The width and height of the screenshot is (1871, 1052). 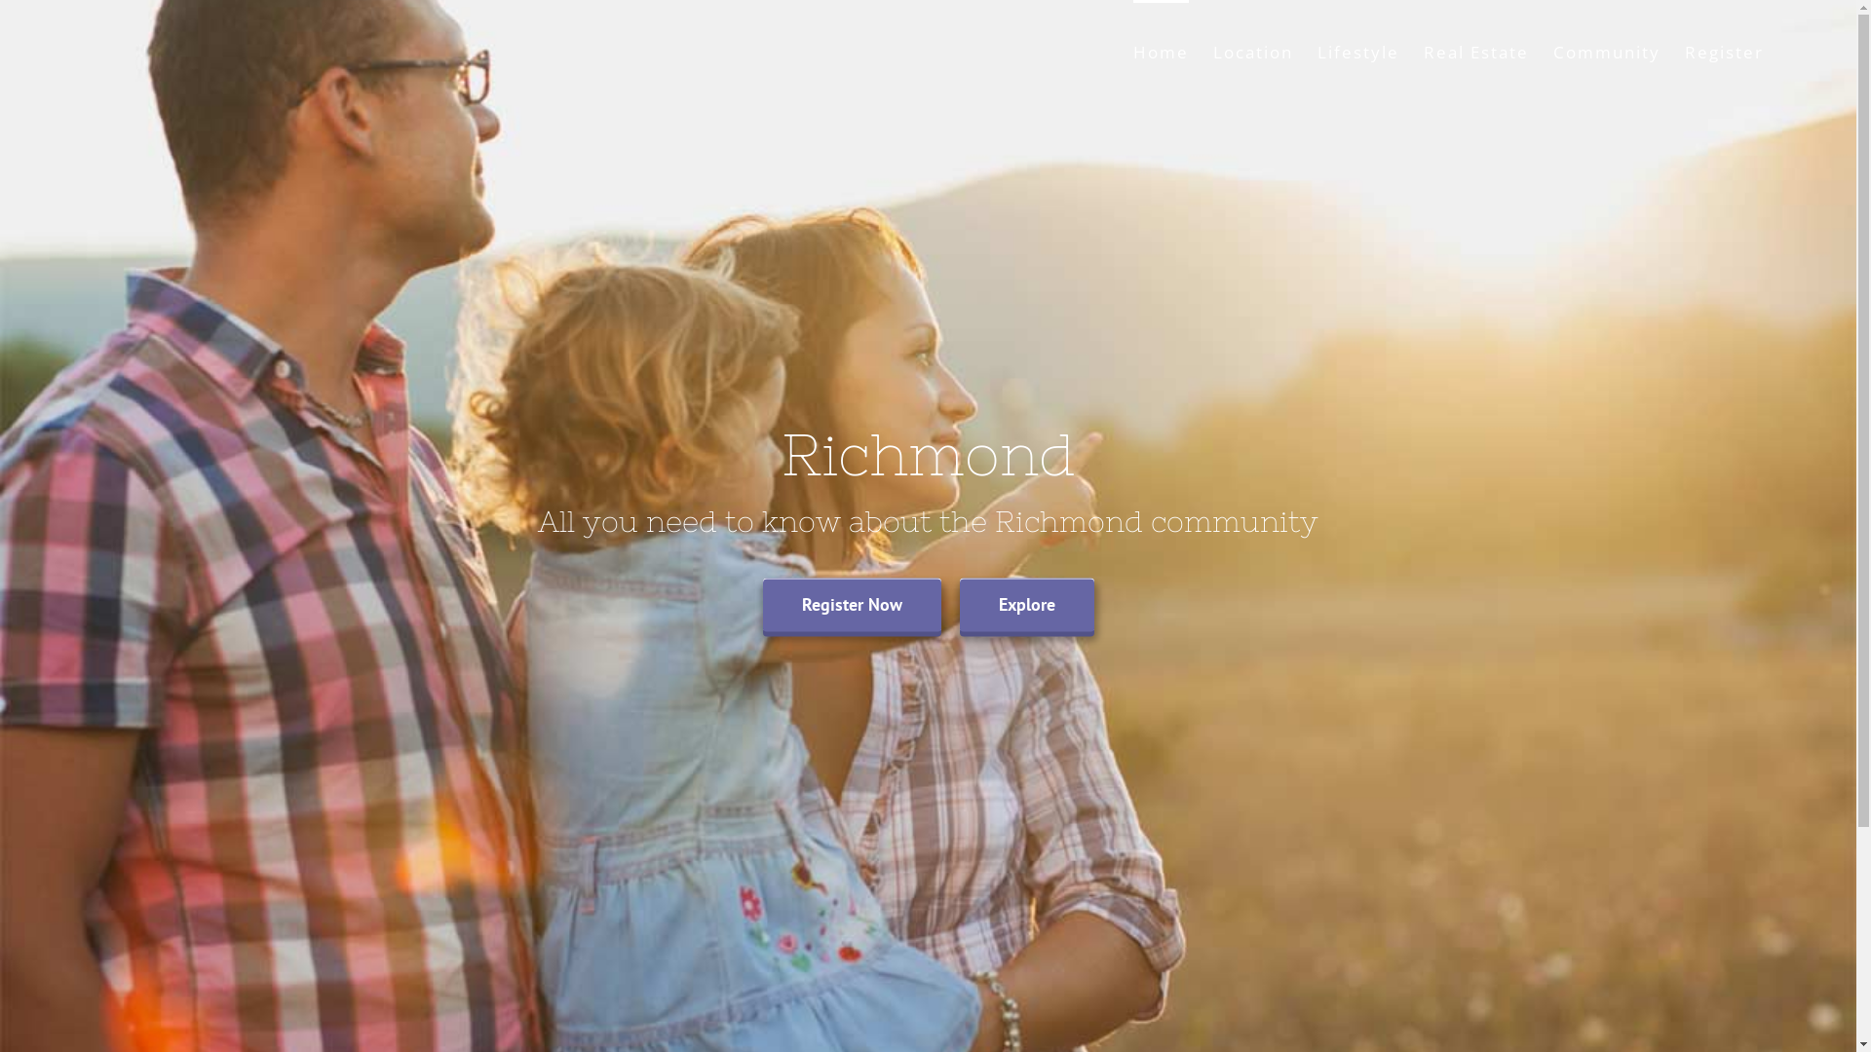 What do you see at coordinates (1356, 49) in the screenshot?
I see `'Lifestyle'` at bounding box center [1356, 49].